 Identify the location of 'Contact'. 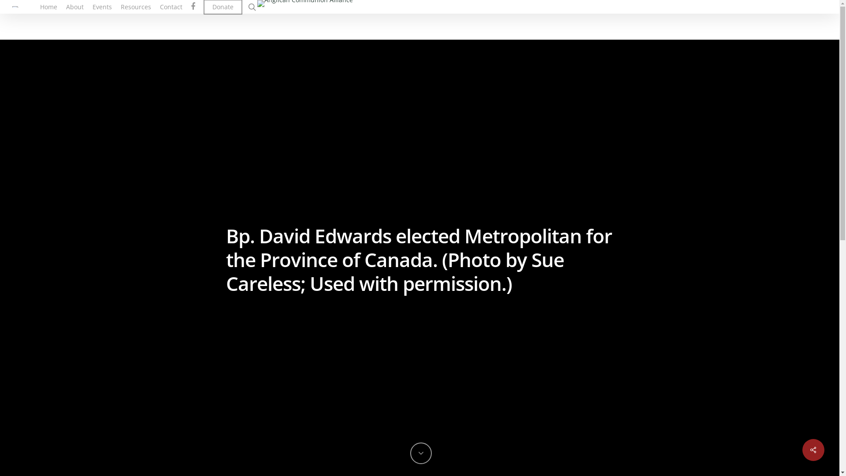
(171, 7).